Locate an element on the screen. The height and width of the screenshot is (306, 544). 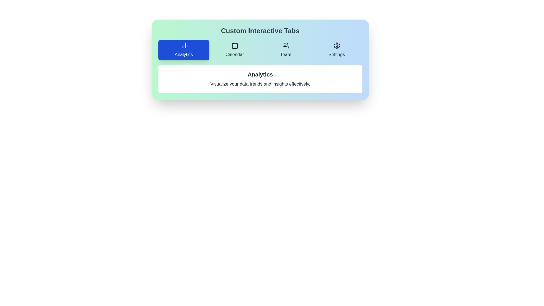
the 'Analytics' button, which is a rectangular button with a blue background and white text is located at coordinates (184, 50).